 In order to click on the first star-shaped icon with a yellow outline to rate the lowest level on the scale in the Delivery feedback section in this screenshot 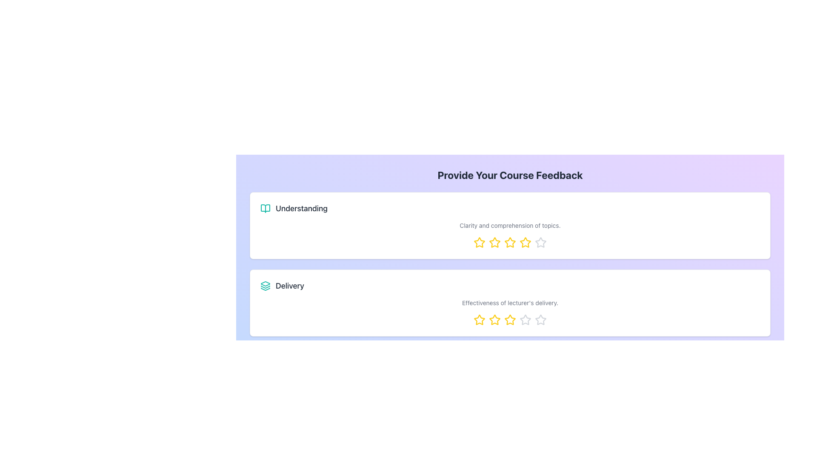, I will do `click(480, 320)`.